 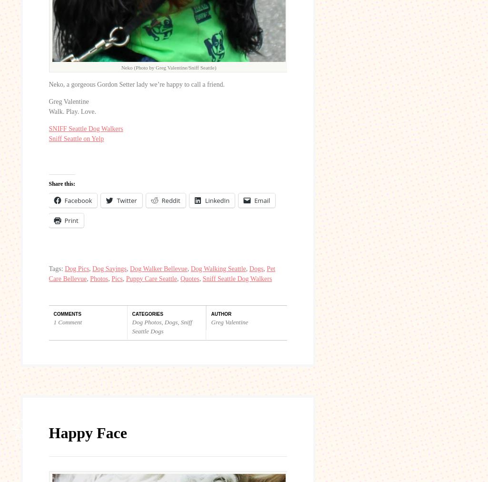 I want to click on '23', so click(x=20, y=423).